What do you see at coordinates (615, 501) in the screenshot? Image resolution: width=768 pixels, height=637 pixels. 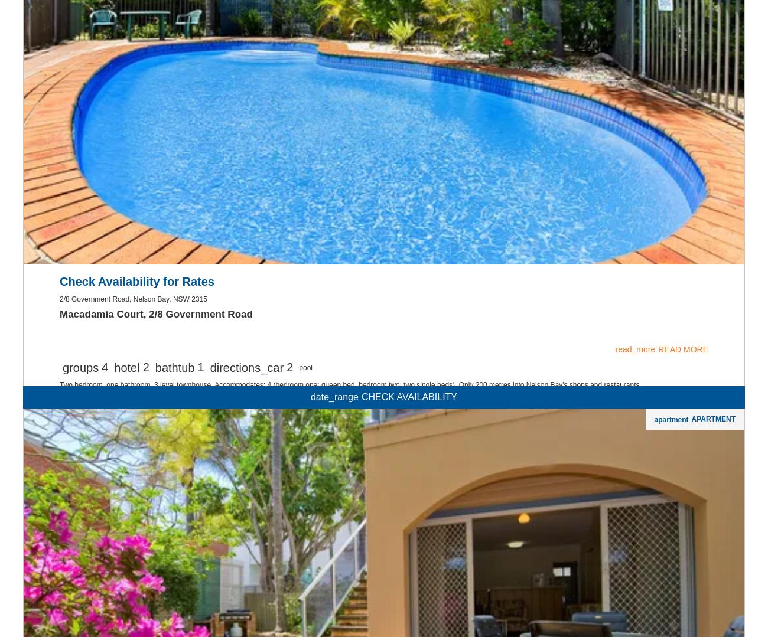 I see `'read_more'` at bounding box center [615, 501].